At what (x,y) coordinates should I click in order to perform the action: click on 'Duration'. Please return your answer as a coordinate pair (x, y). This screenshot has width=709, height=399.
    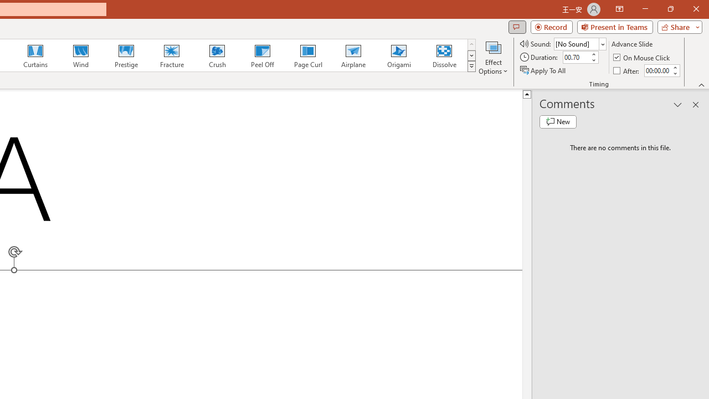
    Looking at the image, I should click on (576, 57).